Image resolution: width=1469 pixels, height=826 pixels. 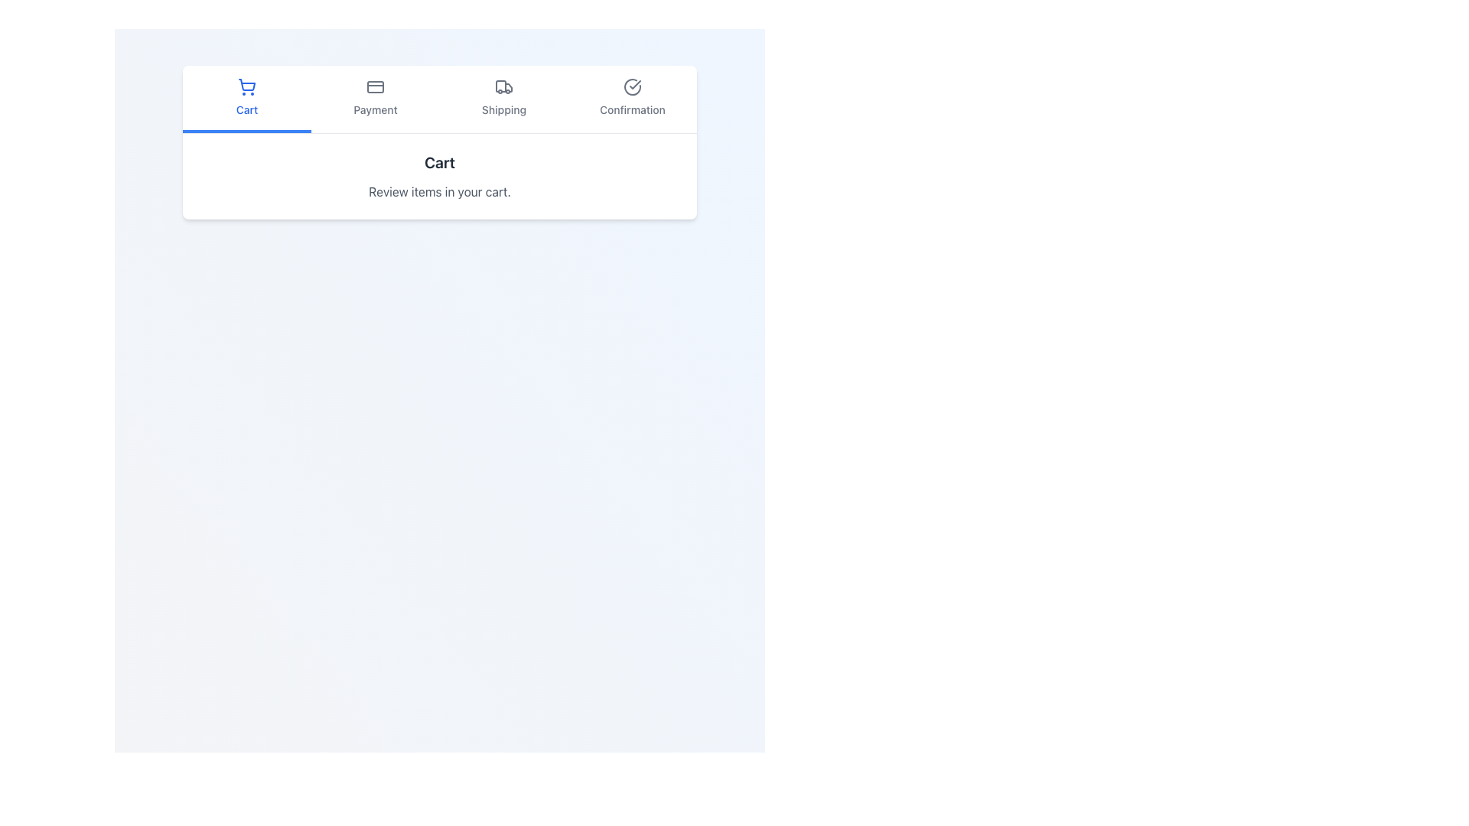 I want to click on the tick icon located in the 'Confirmation' tab of the navigation bar, which indicates confirmation or success, so click(x=635, y=85).